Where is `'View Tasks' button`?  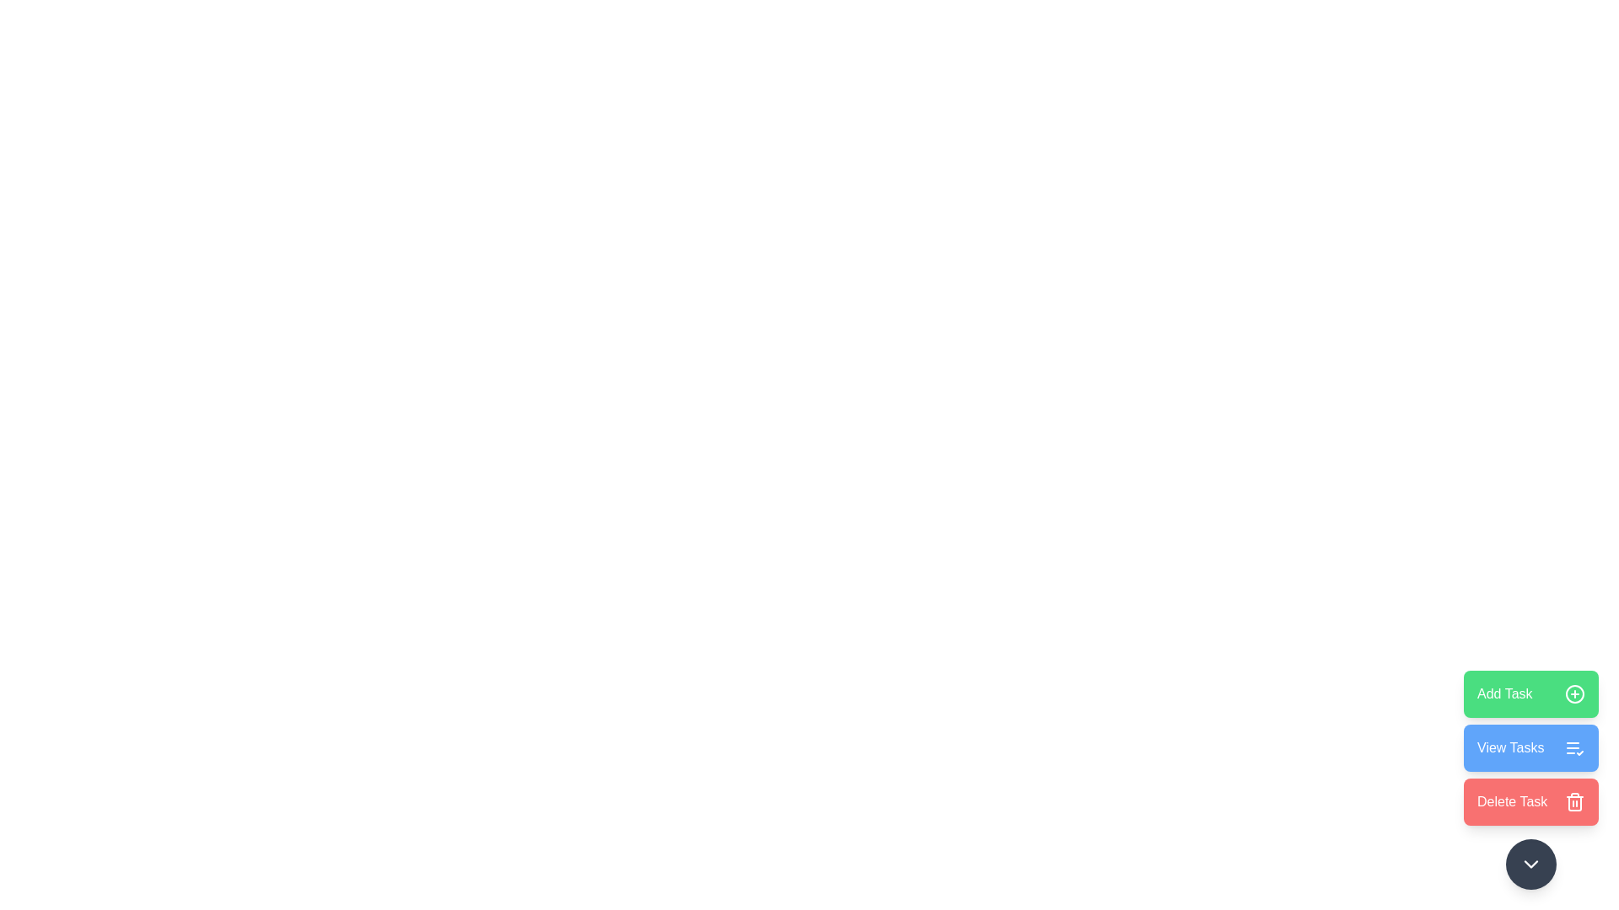
'View Tasks' button is located at coordinates (1530, 747).